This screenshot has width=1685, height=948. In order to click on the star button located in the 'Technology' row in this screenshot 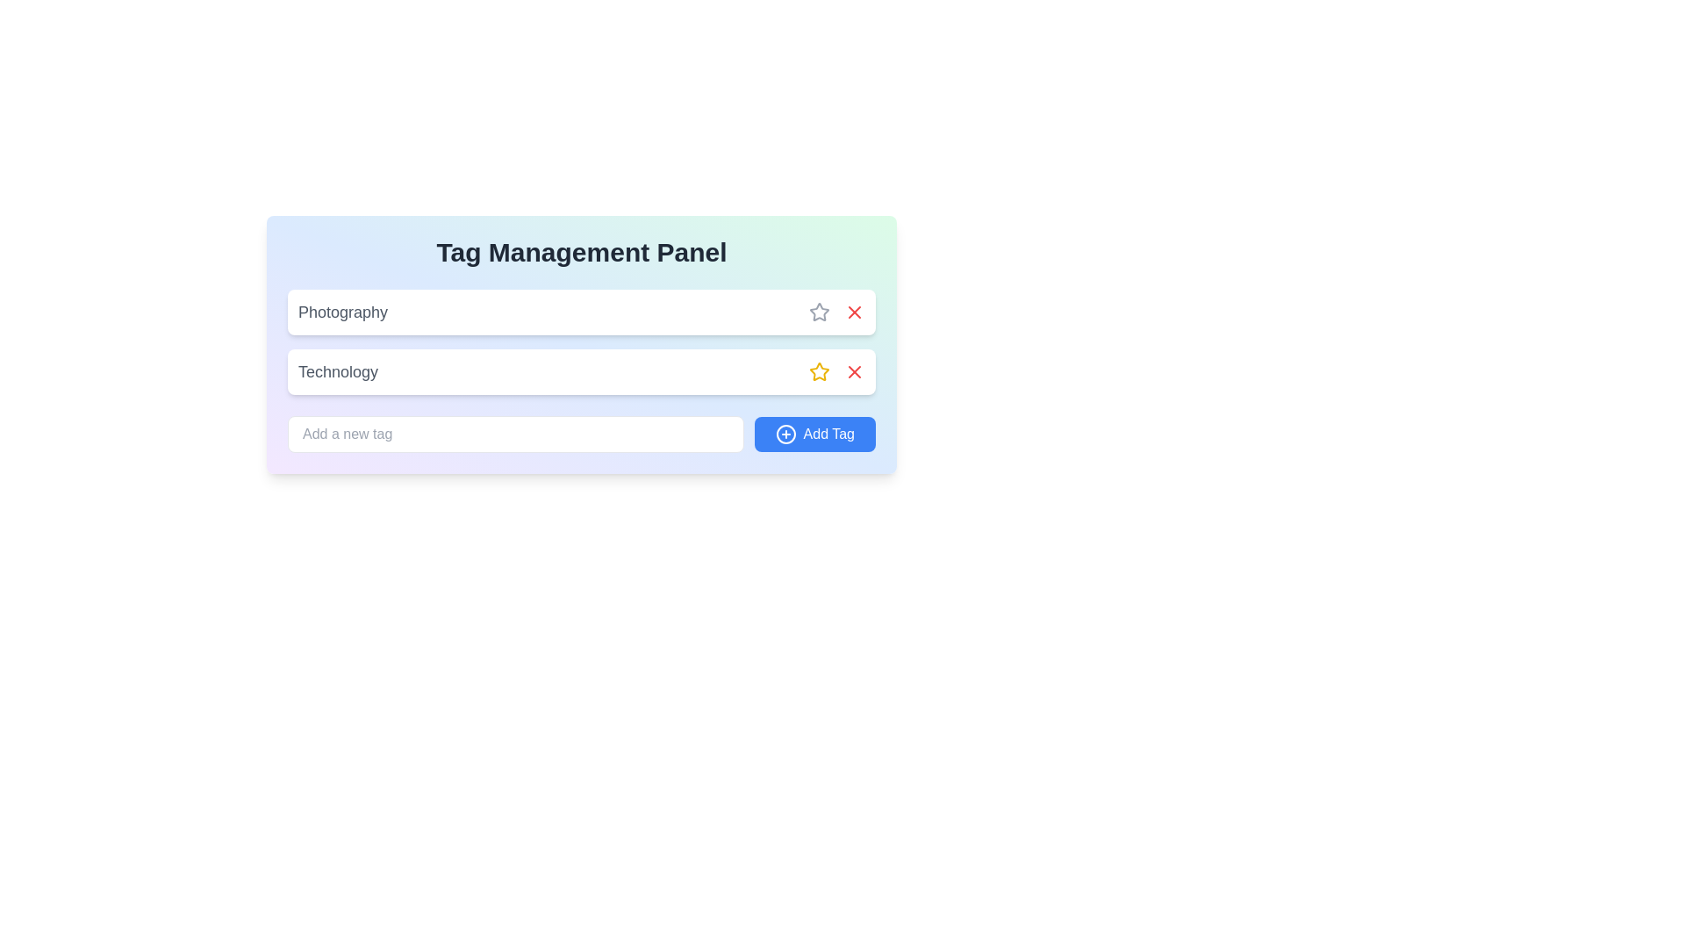, I will do `click(819, 311)`.